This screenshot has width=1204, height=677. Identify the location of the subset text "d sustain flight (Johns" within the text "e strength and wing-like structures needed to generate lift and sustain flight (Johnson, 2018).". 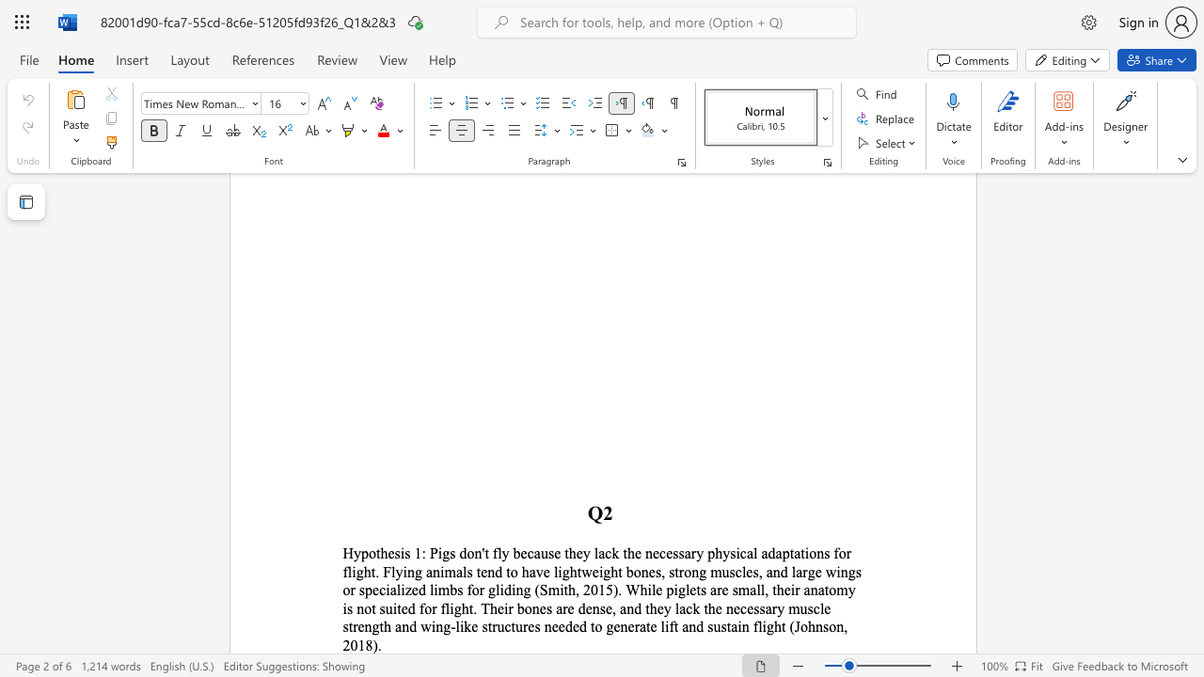
(695, 626).